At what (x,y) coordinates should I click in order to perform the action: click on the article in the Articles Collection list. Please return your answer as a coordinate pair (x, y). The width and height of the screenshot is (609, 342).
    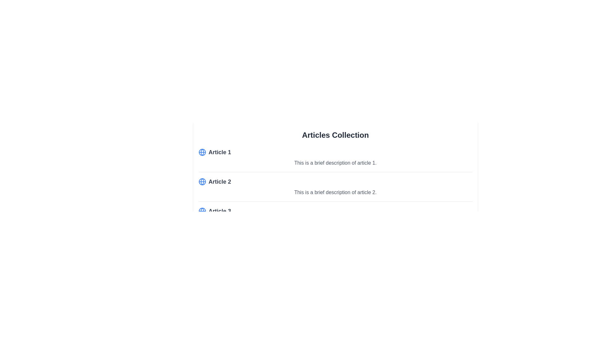
    Looking at the image, I should click on (335, 189).